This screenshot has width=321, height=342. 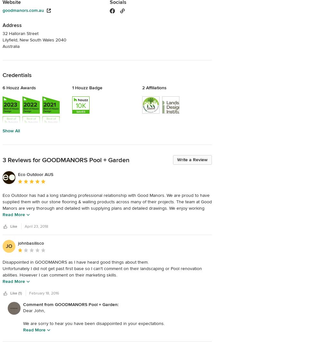 I want to click on '2 Affiliations', so click(x=154, y=87).